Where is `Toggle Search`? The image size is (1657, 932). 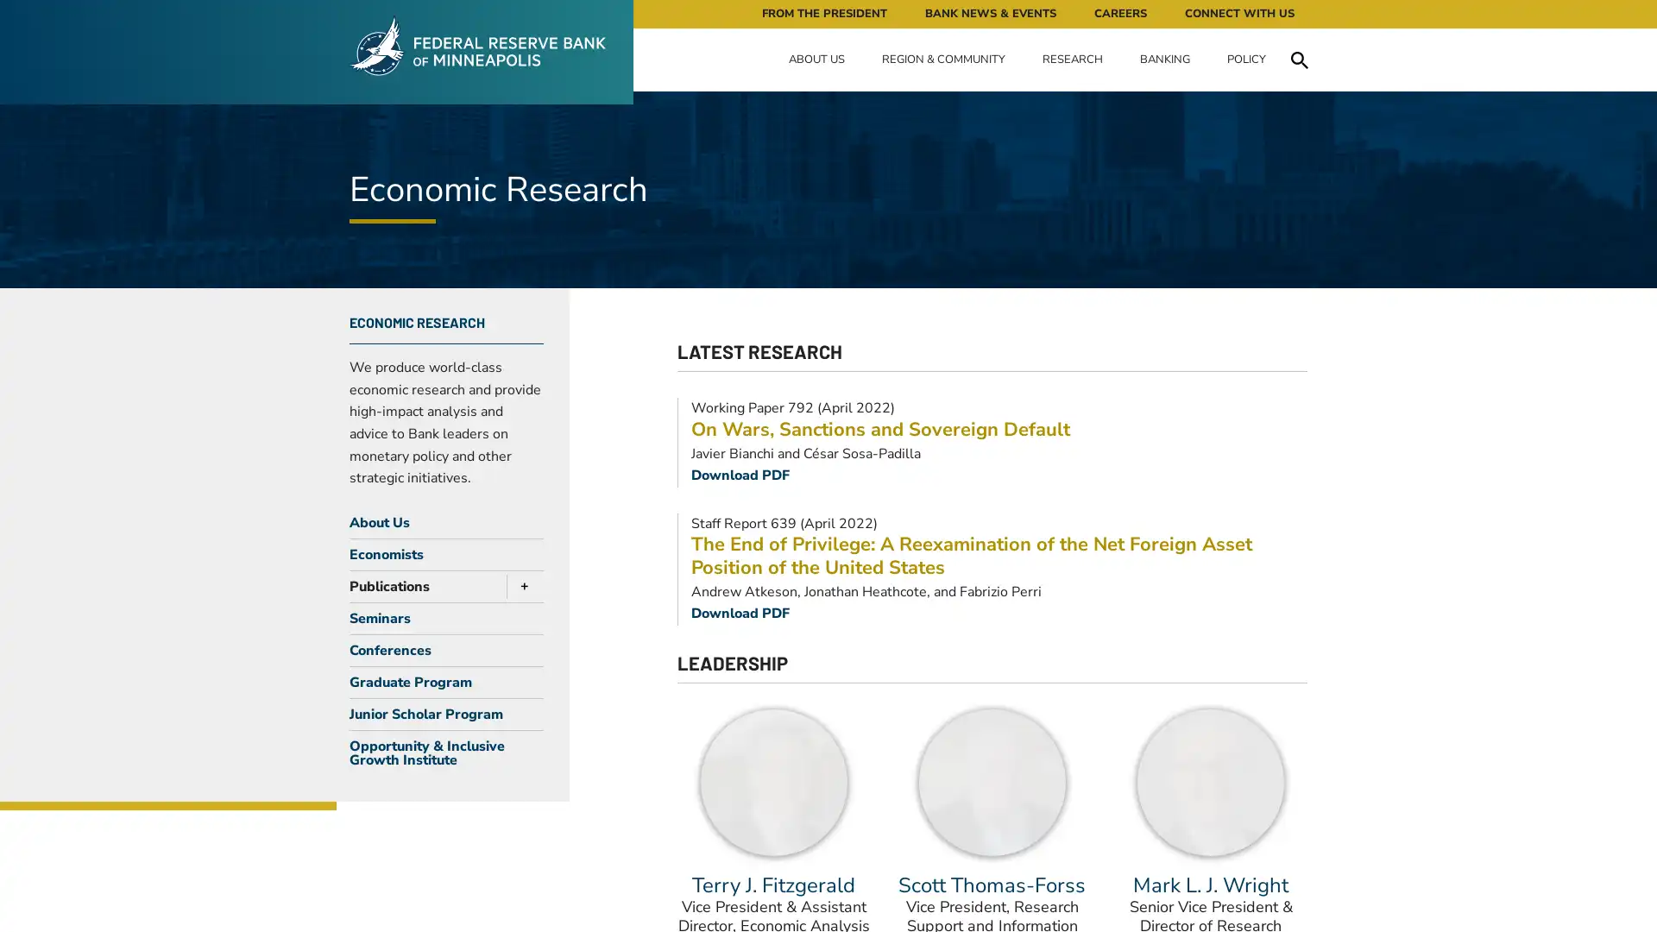
Toggle Search is located at coordinates (1299, 59).